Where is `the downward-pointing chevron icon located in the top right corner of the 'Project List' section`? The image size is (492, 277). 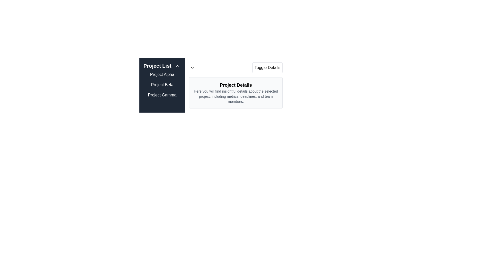 the downward-pointing chevron icon located in the top right corner of the 'Project List' section is located at coordinates (192, 67).